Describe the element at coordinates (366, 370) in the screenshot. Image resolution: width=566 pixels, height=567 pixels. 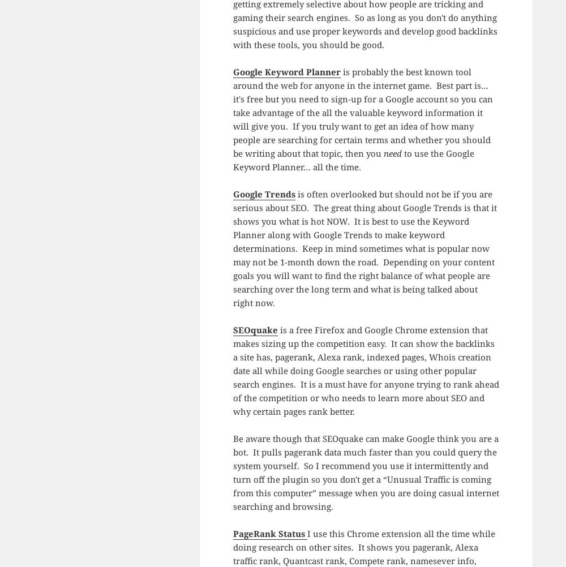
I see `'is a free Firefox and Google Chrome extension that makes sizing up the competition easy.  It can show the backlinks a site has, pagerank, Alexa rank, indexed pages, Whois creation date all while doing Google searches or using other popular search engines.  It is a must have for anyone trying to rank ahead of the competition or who needs to learn more about SEO and why certain pages rank better.'` at that location.